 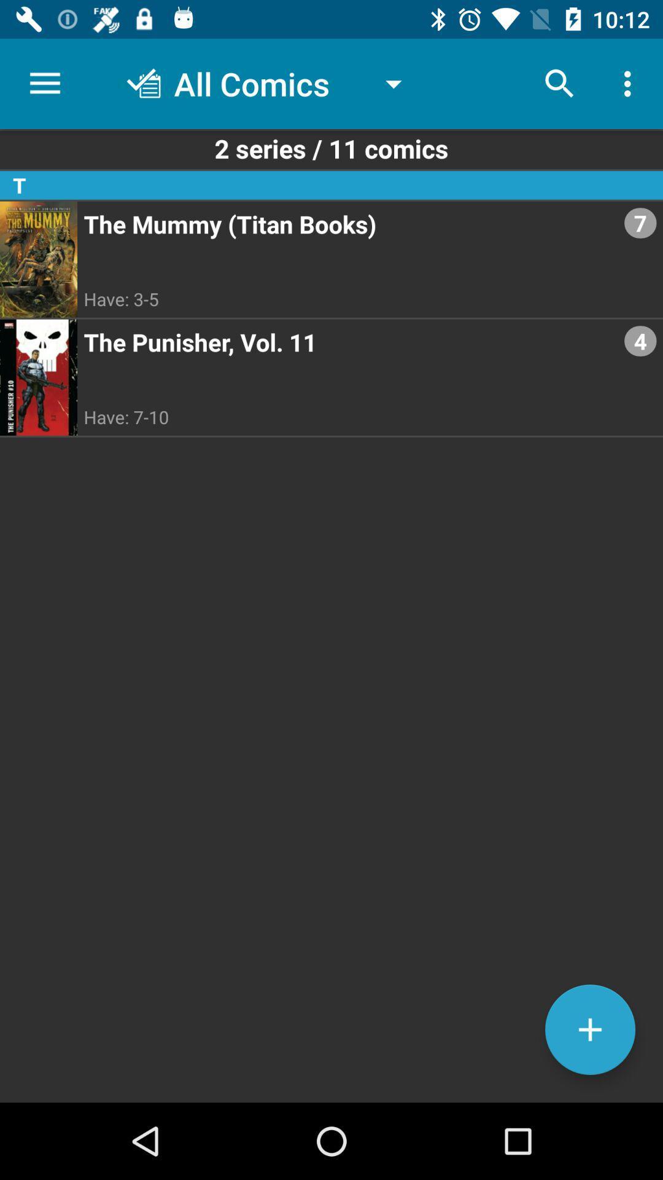 What do you see at coordinates (589, 1029) in the screenshot?
I see `the add icon` at bounding box center [589, 1029].